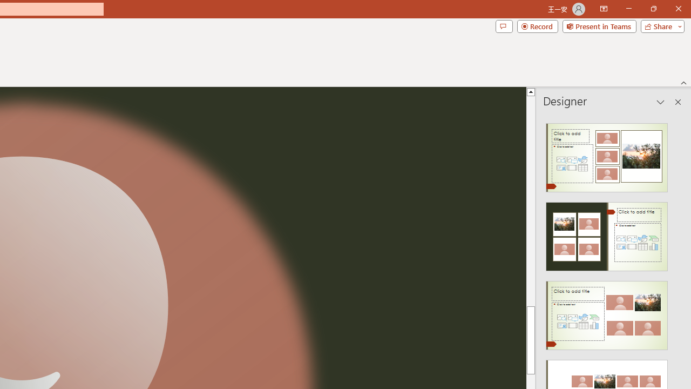 This screenshot has width=691, height=389. Describe the element at coordinates (531, 91) in the screenshot. I see `'Line up'` at that location.